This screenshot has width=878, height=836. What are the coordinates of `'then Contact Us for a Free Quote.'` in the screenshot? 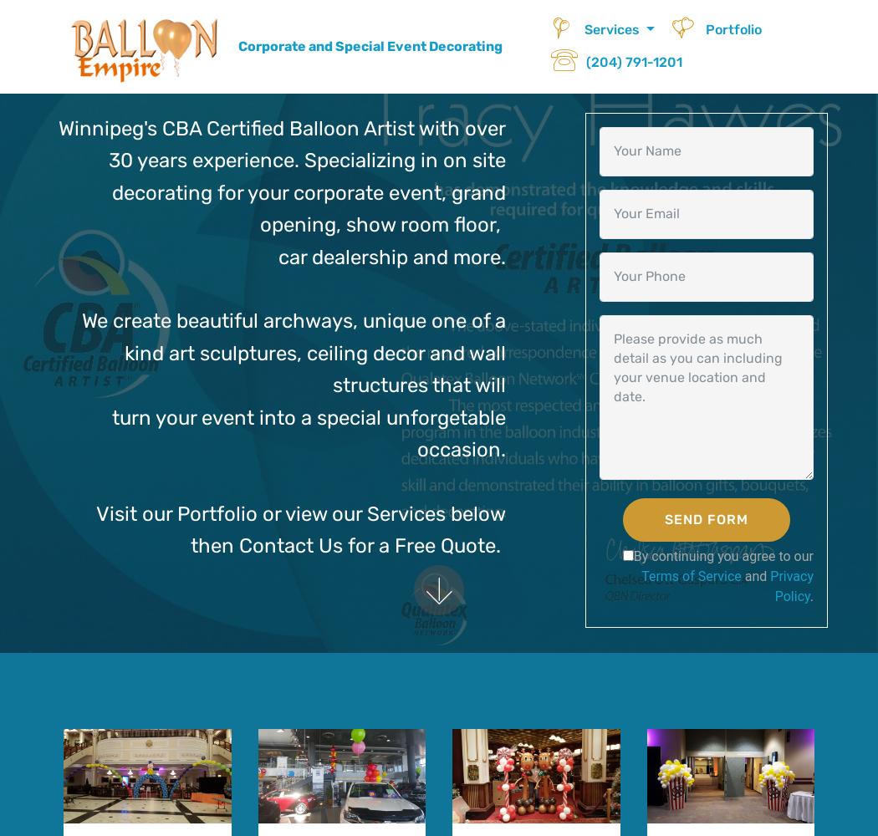 It's located at (190, 546).